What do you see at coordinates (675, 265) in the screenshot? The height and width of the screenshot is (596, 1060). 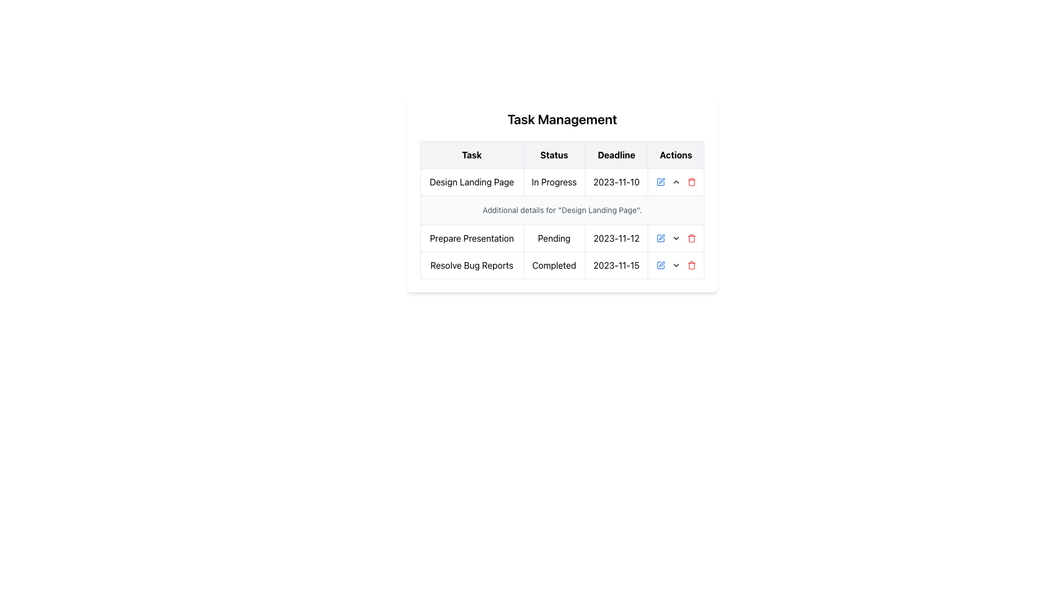 I see `the button located in the second row under the Actions column, which is to the left of the trash can icon and to the right of the text in the Status column` at bounding box center [675, 265].